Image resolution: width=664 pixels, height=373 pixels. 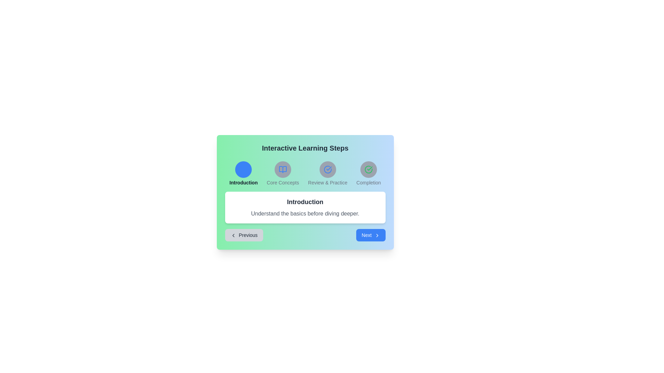 What do you see at coordinates (305, 213) in the screenshot?
I see `text label that states 'Understand the basics before diving deeper.' located directly beneath the heading 'Introduction' in a white card area` at bounding box center [305, 213].